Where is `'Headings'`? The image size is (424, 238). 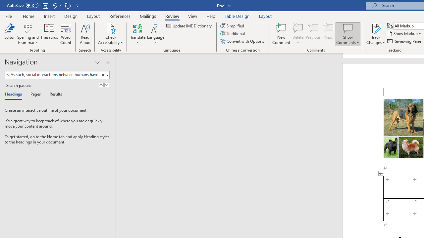 'Headings' is located at coordinates (15, 95).